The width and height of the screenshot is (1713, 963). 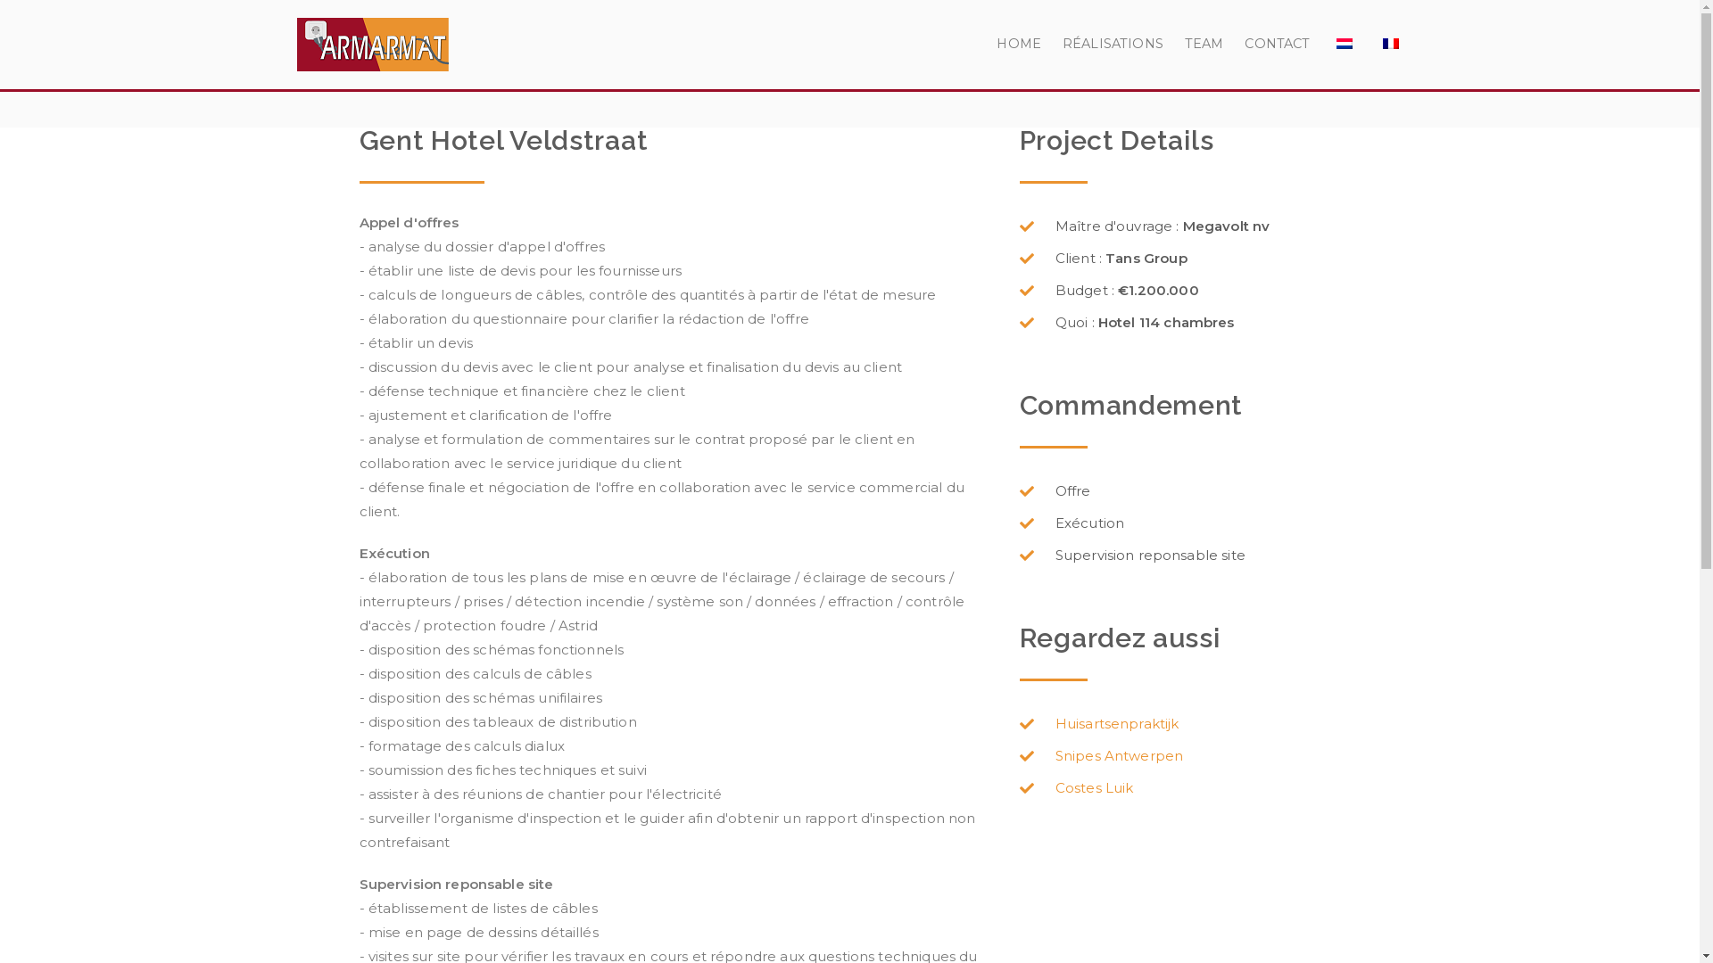 What do you see at coordinates (1019, 724) in the screenshot?
I see `'Huisartsenpraktijk'` at bounding box center [1019, 724].